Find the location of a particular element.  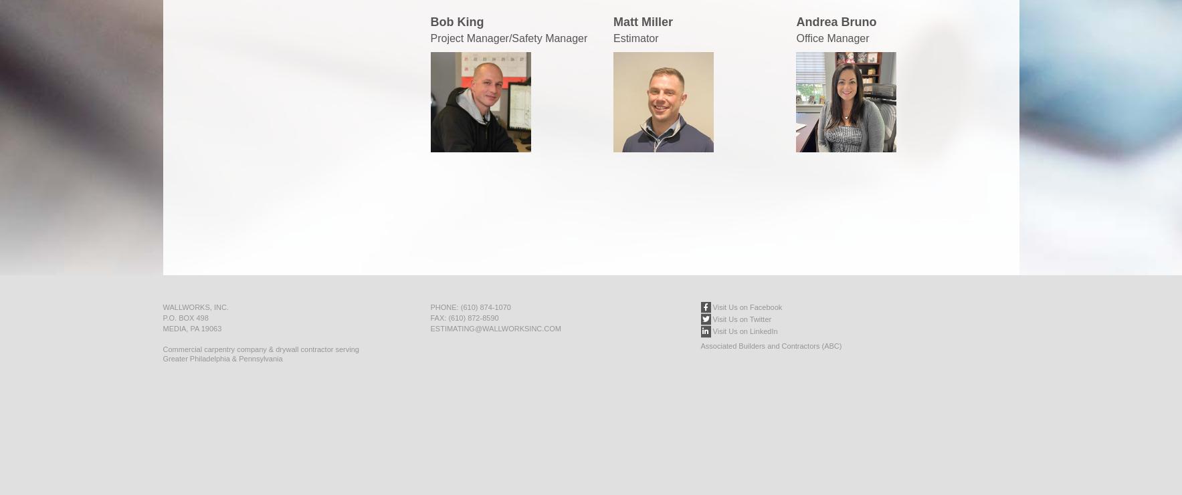

'ESTIMATING@WALLWORKSINC.COM' is located at coordinates (495, 329).